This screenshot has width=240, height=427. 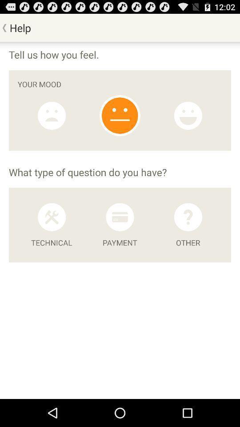 I want to click on unhappy mood, so click(x=52, y=115).